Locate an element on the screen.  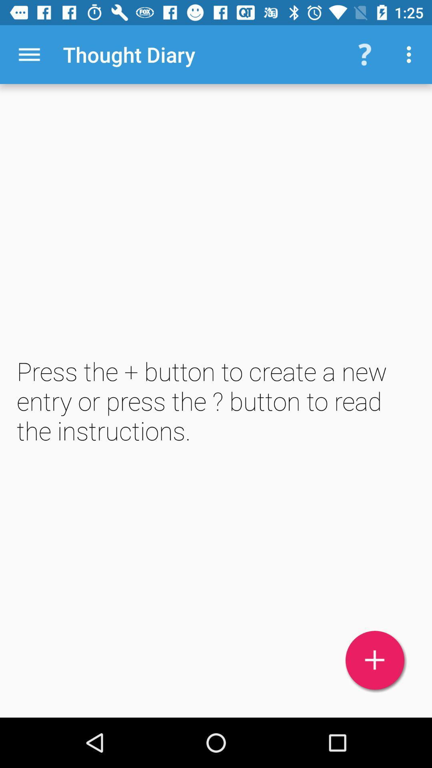
item below press the button icon is located at coordinates (375, 660).